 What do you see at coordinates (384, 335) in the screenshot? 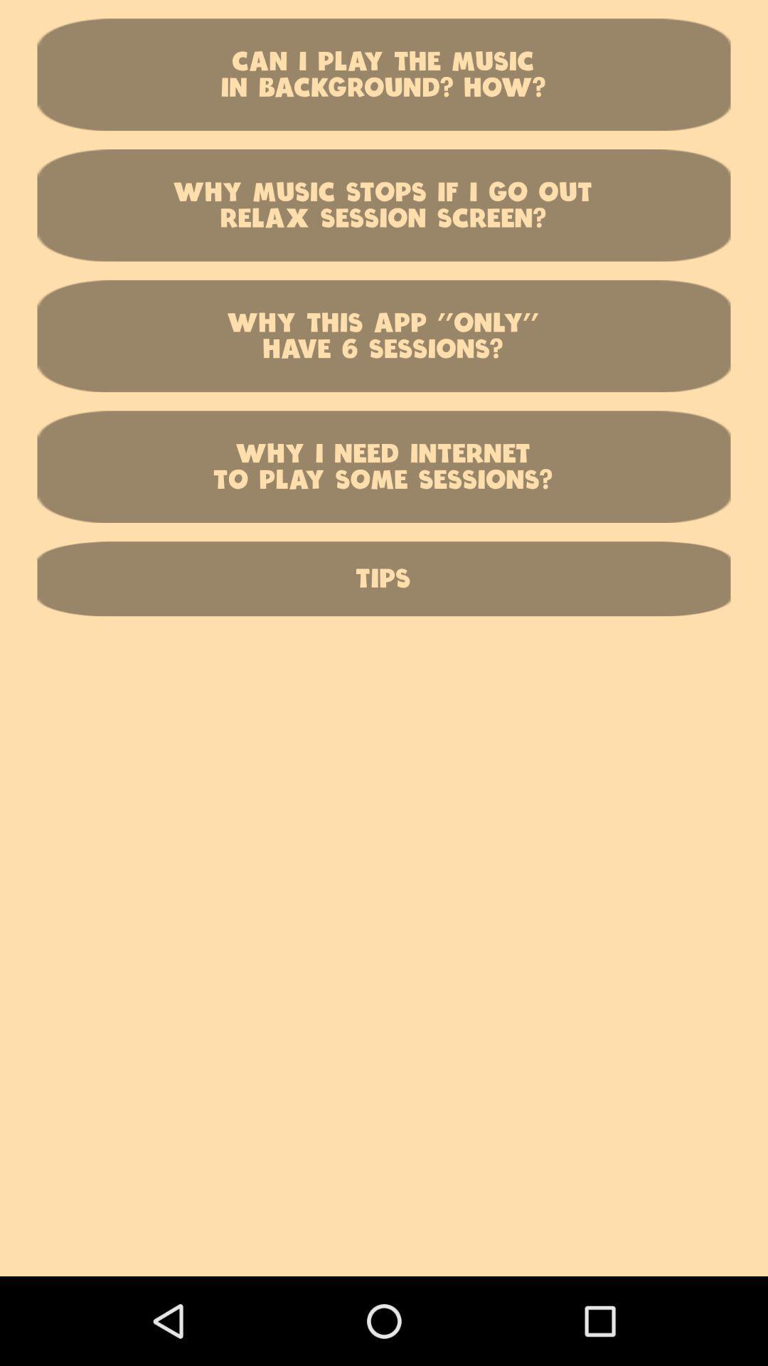
I see `the icon below why music stops item` at bounding box center [384, 335].